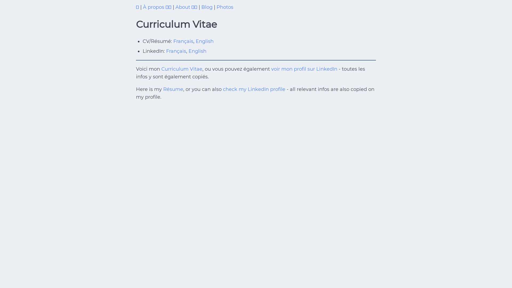  Describe the element at coordinates (254, 89) in the screenshot. I see `'check my LinkedIn profile'` at that location.